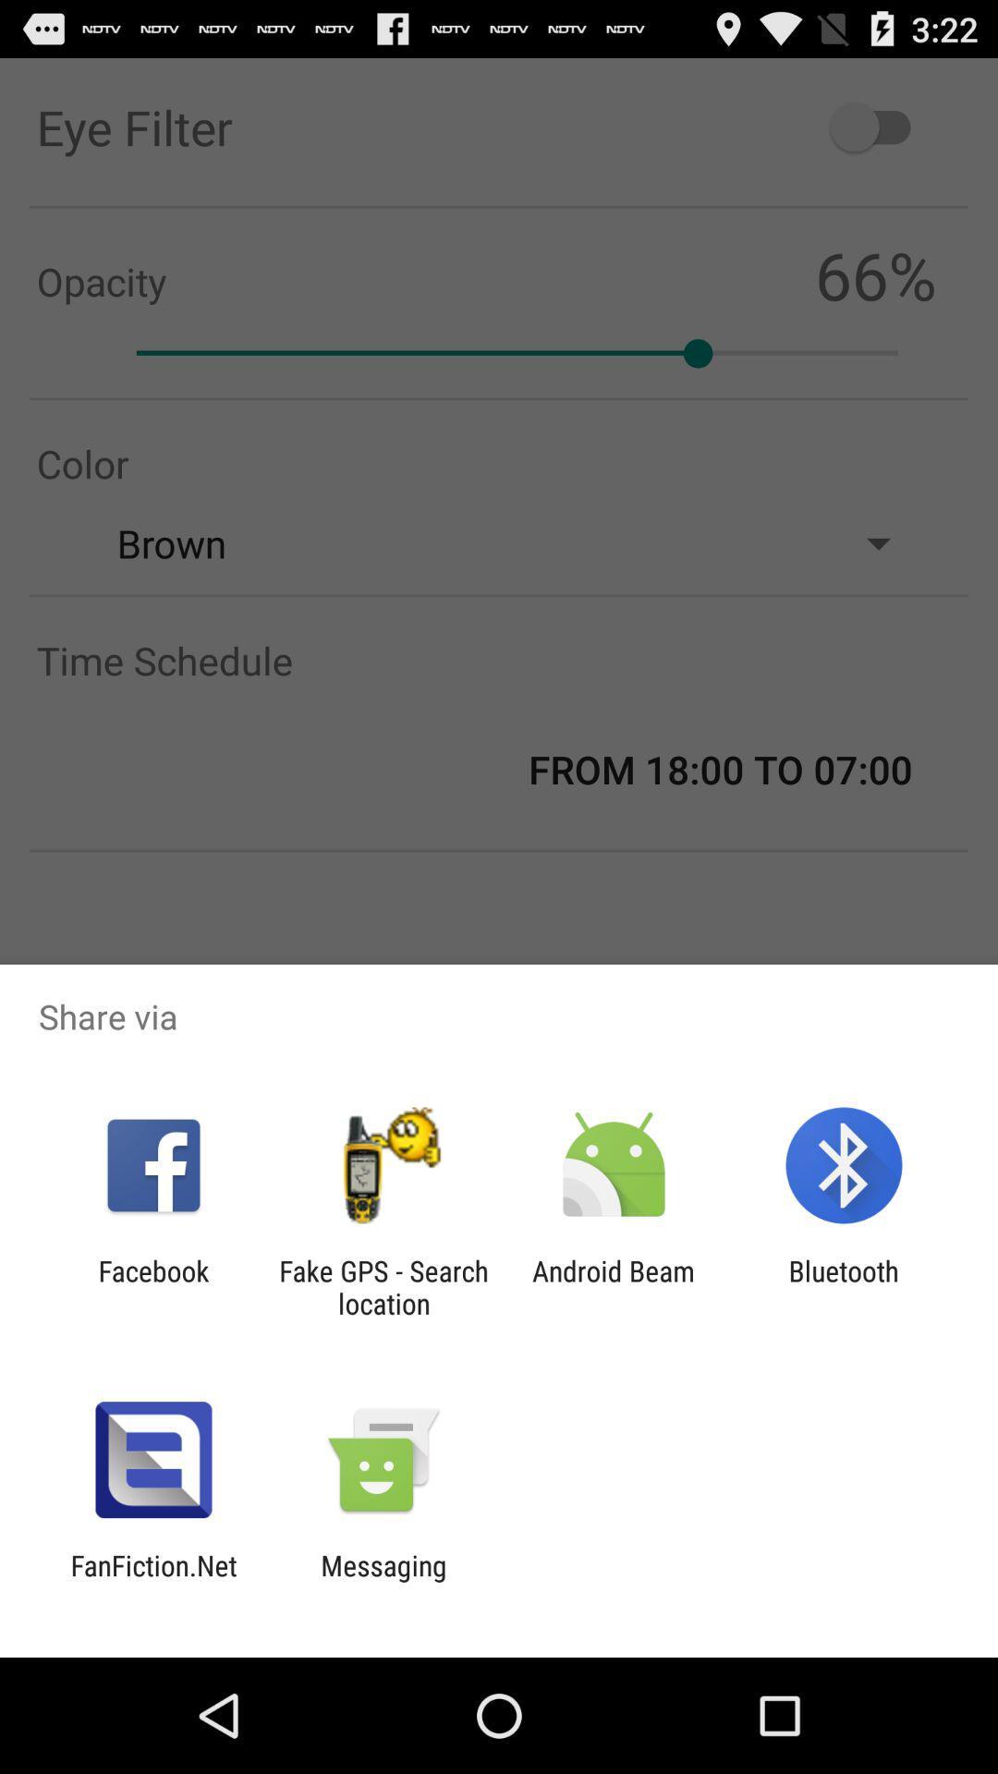 This screenshot has height=1774, width=998. What do you see at coordinates (614, 1286) in the screenshot?
I see `app to the left of the bluetooth` at bounding box center [614, 1286].